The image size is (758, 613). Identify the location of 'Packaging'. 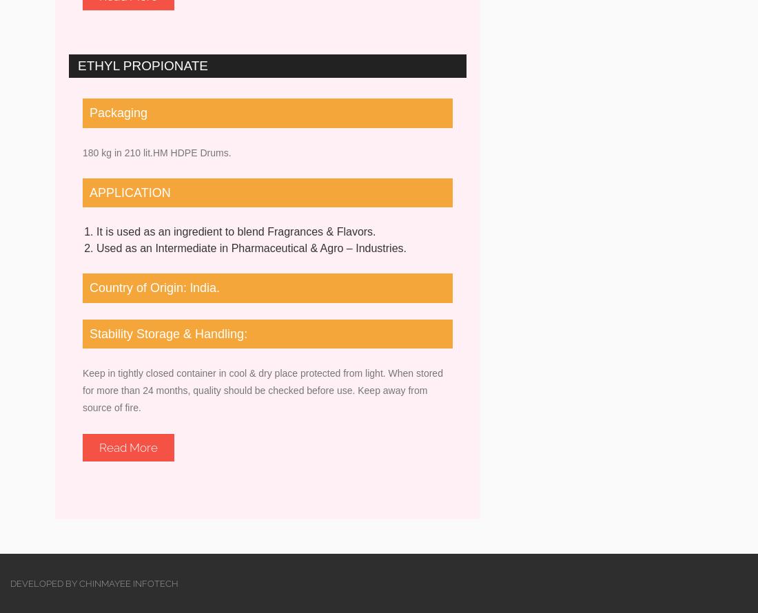
(118, 113).